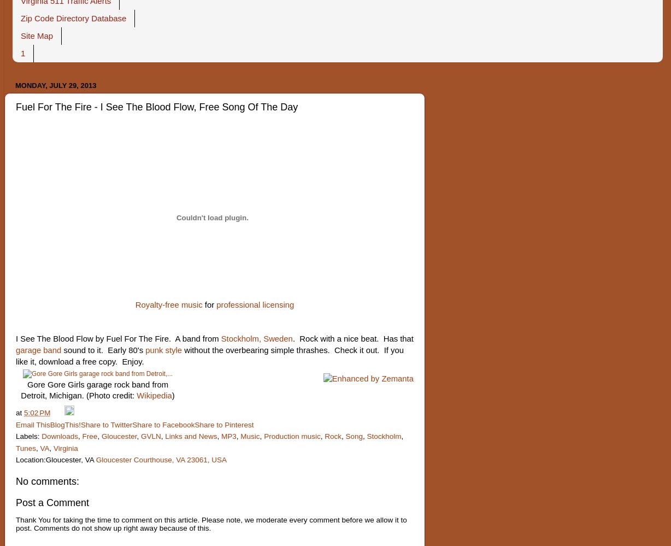  I want to click on 'Zip Code Directory Database', so click(73, 18).